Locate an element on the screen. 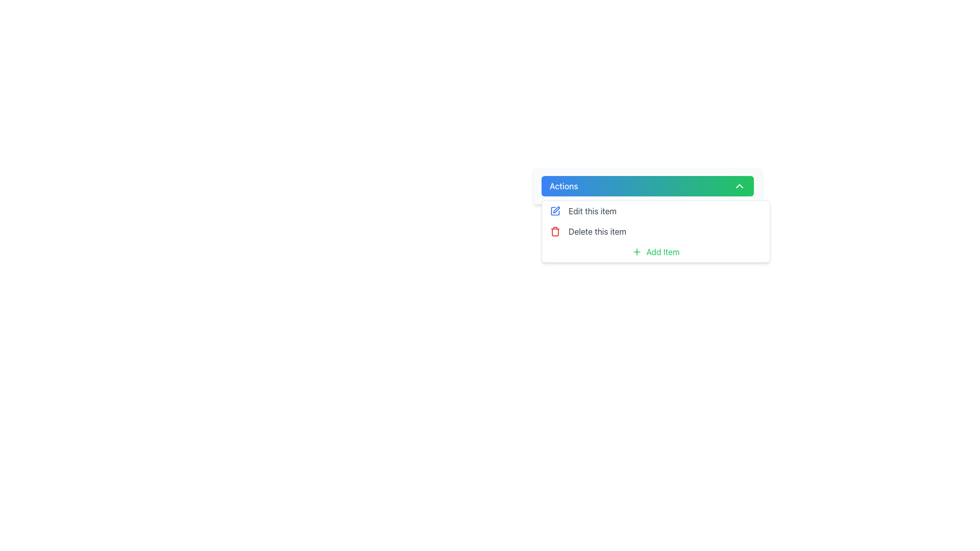  the static text label that suggests an editing operation, located within the 'Actions' dropdown menu, next to the blue pen icon is located at coordinates (593, 210).